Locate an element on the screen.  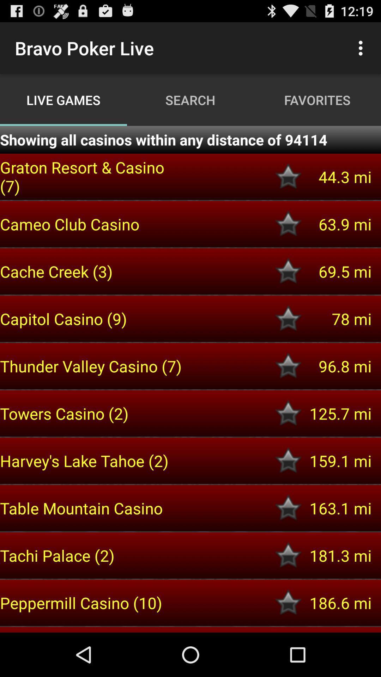
63.9 mi is located at coordinates (337, 224).